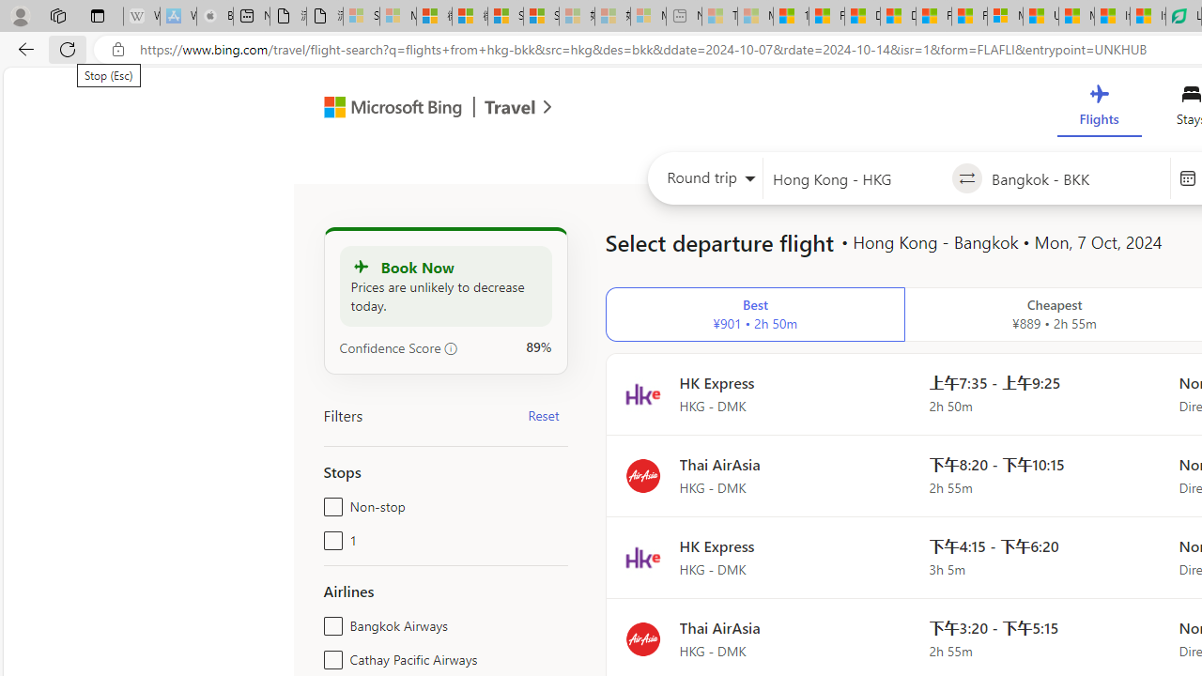  Describe the element at coordinates (141, 16) in the screenshot. I see `'Wikipedia - Sleeping'` at that location.